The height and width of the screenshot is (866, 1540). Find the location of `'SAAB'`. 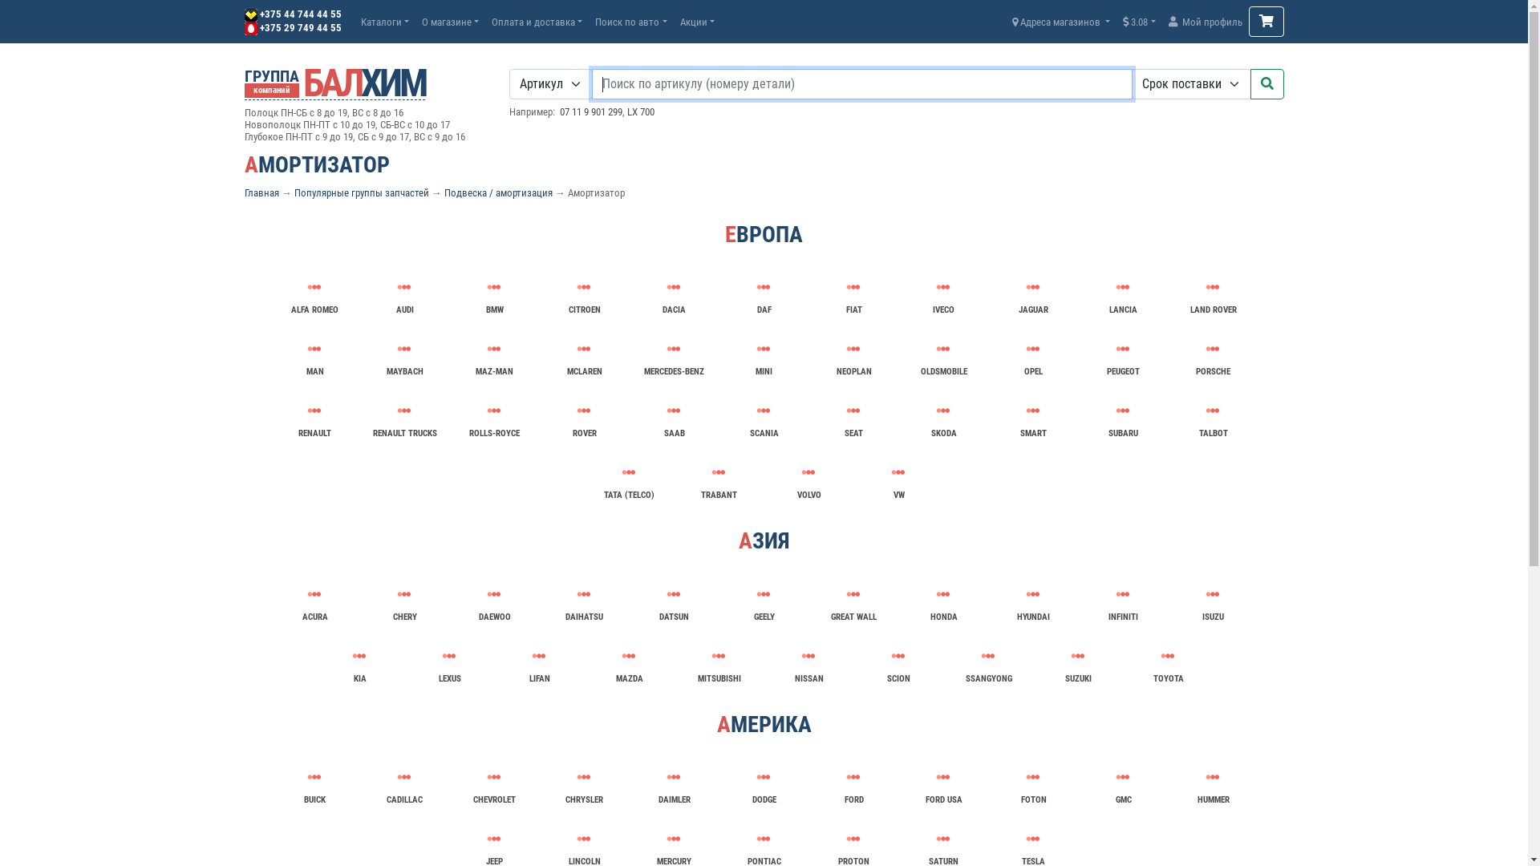

'SAAB' is located at coordinates (658, 410).